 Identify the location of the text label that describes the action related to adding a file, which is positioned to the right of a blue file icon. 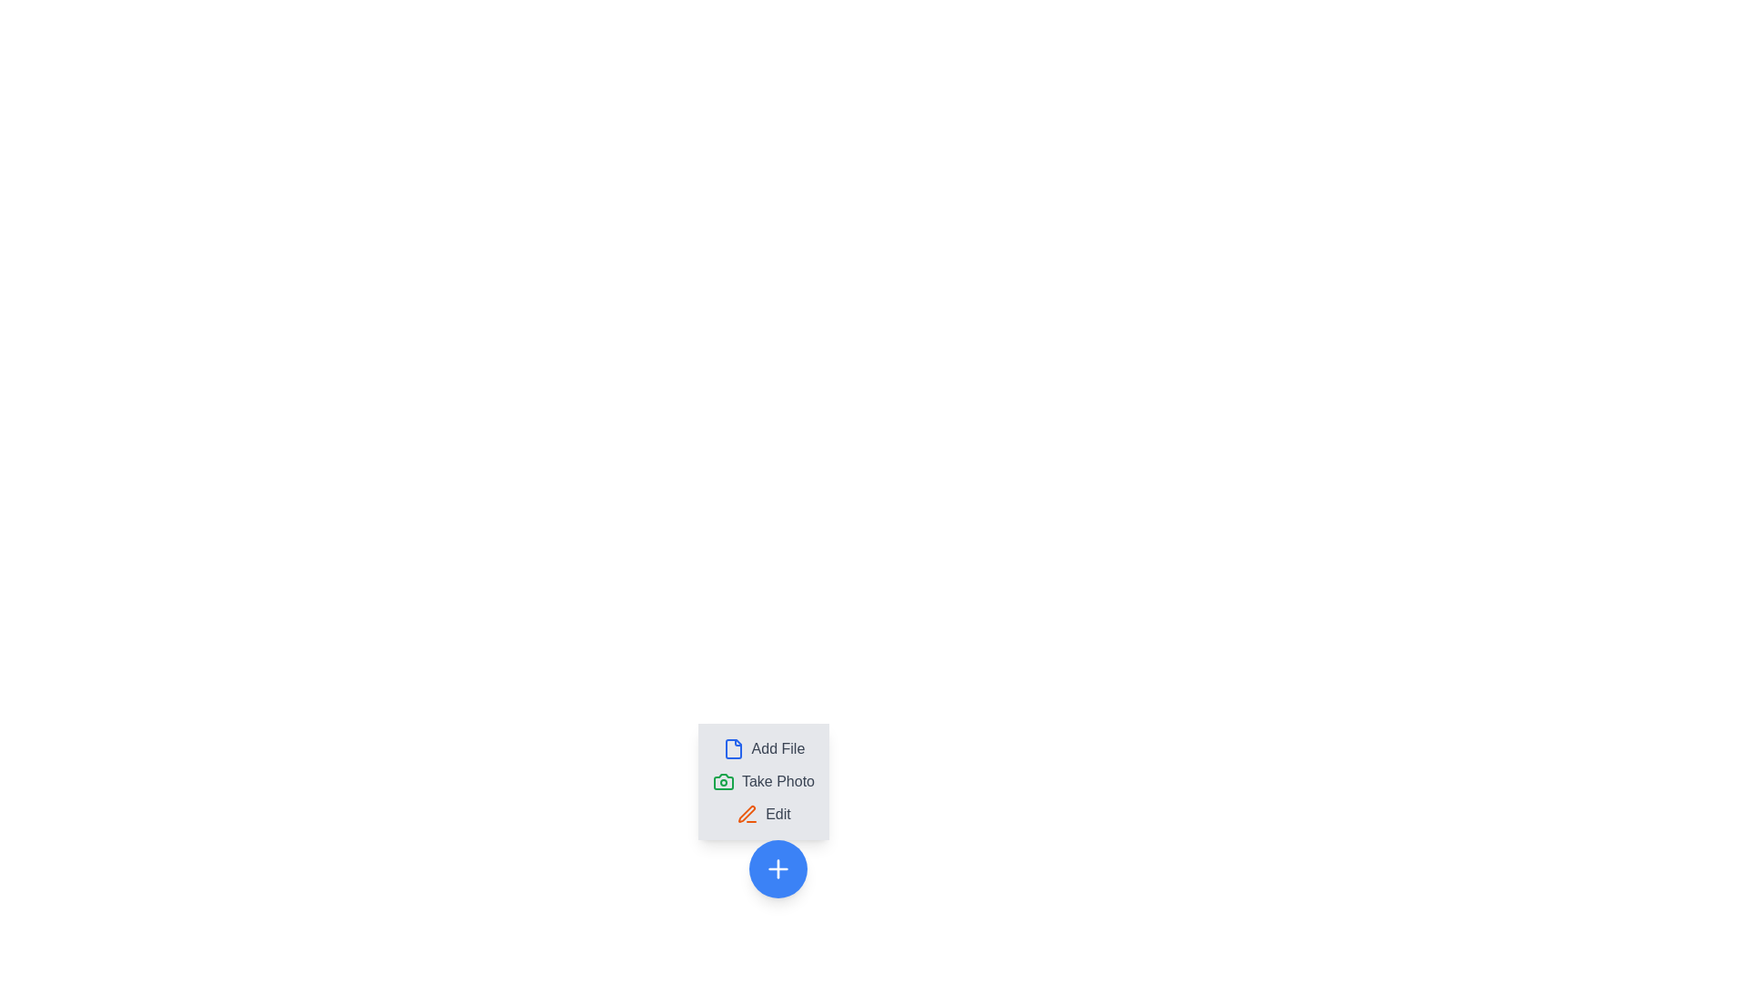
(778, 749).